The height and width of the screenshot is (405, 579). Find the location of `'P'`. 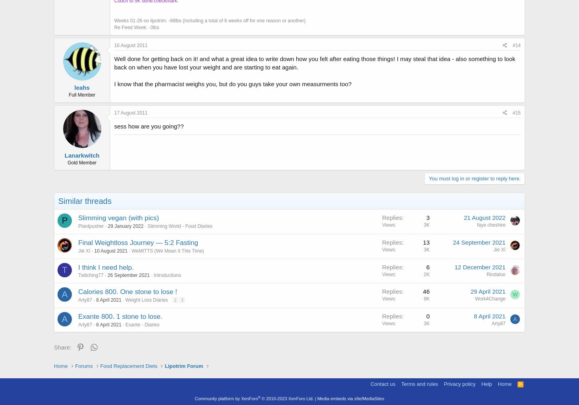

'P' is located at coordinates (64, 220).